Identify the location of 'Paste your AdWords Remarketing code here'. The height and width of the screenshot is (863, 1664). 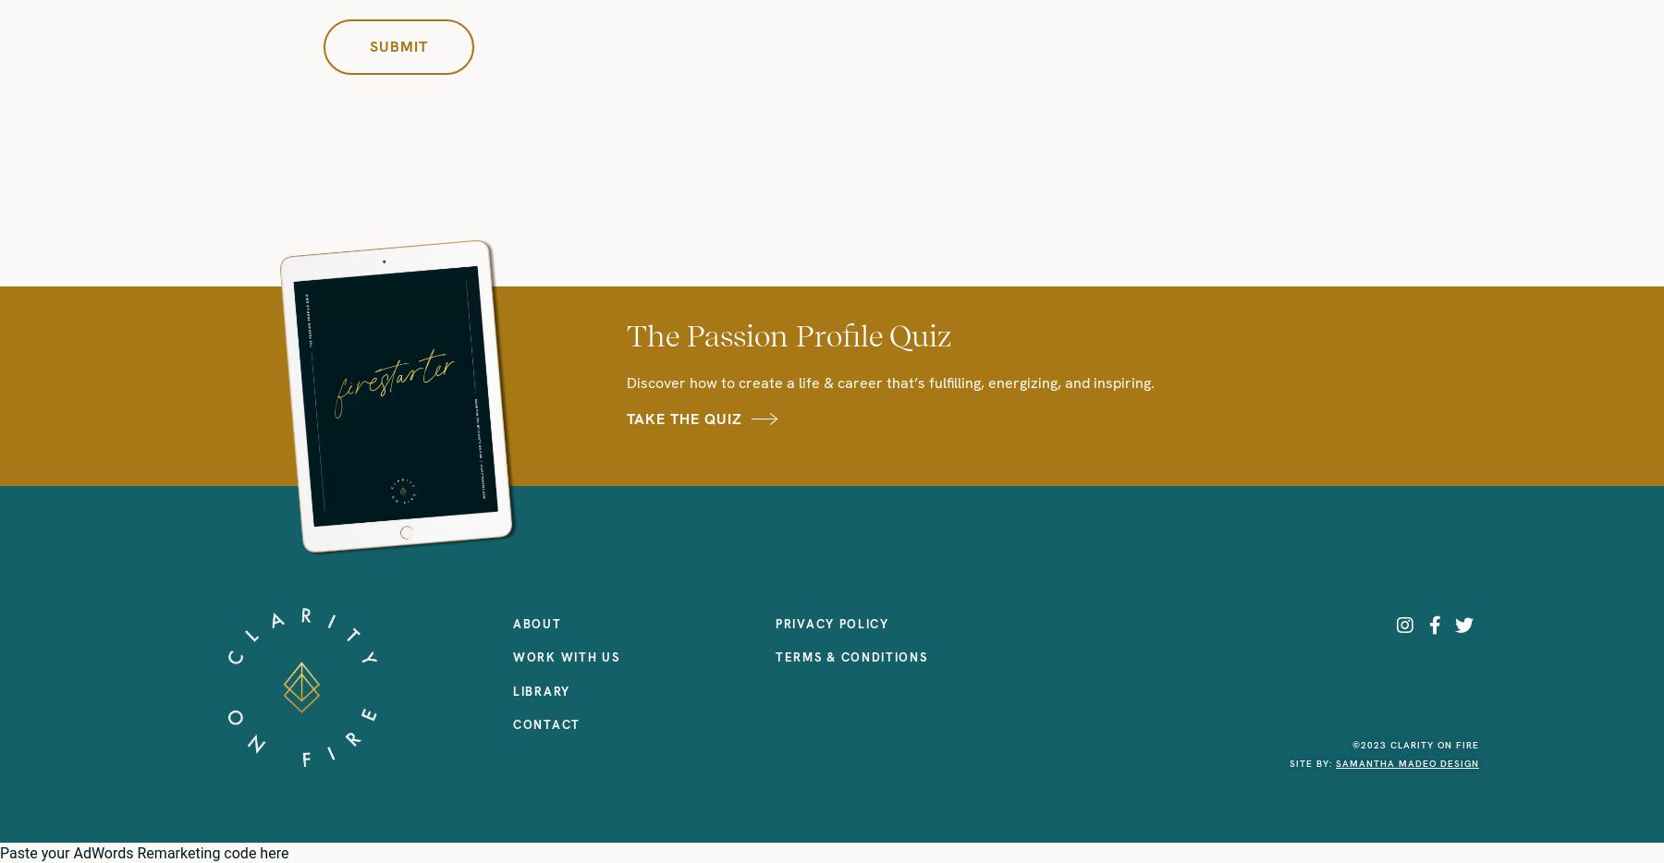
(144, 853).